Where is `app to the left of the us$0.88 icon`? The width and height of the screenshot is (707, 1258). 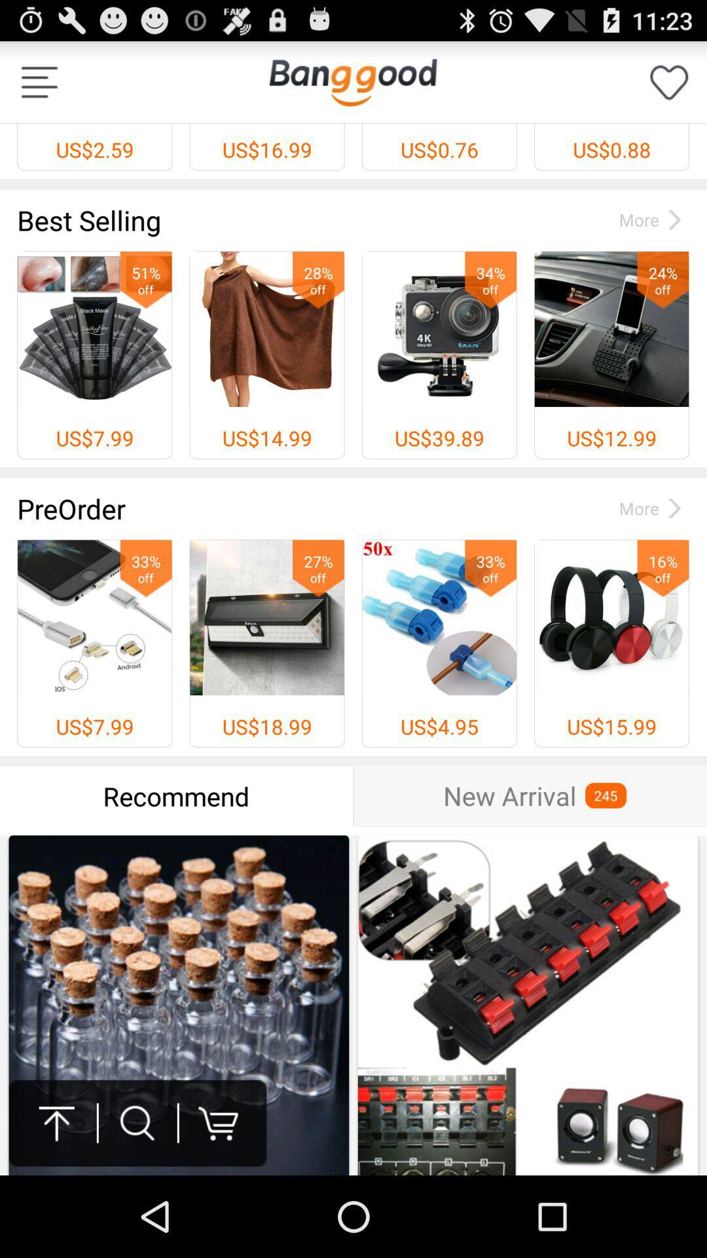
app to the left of the us$0.88 icon is located at coordinates (352, 81).